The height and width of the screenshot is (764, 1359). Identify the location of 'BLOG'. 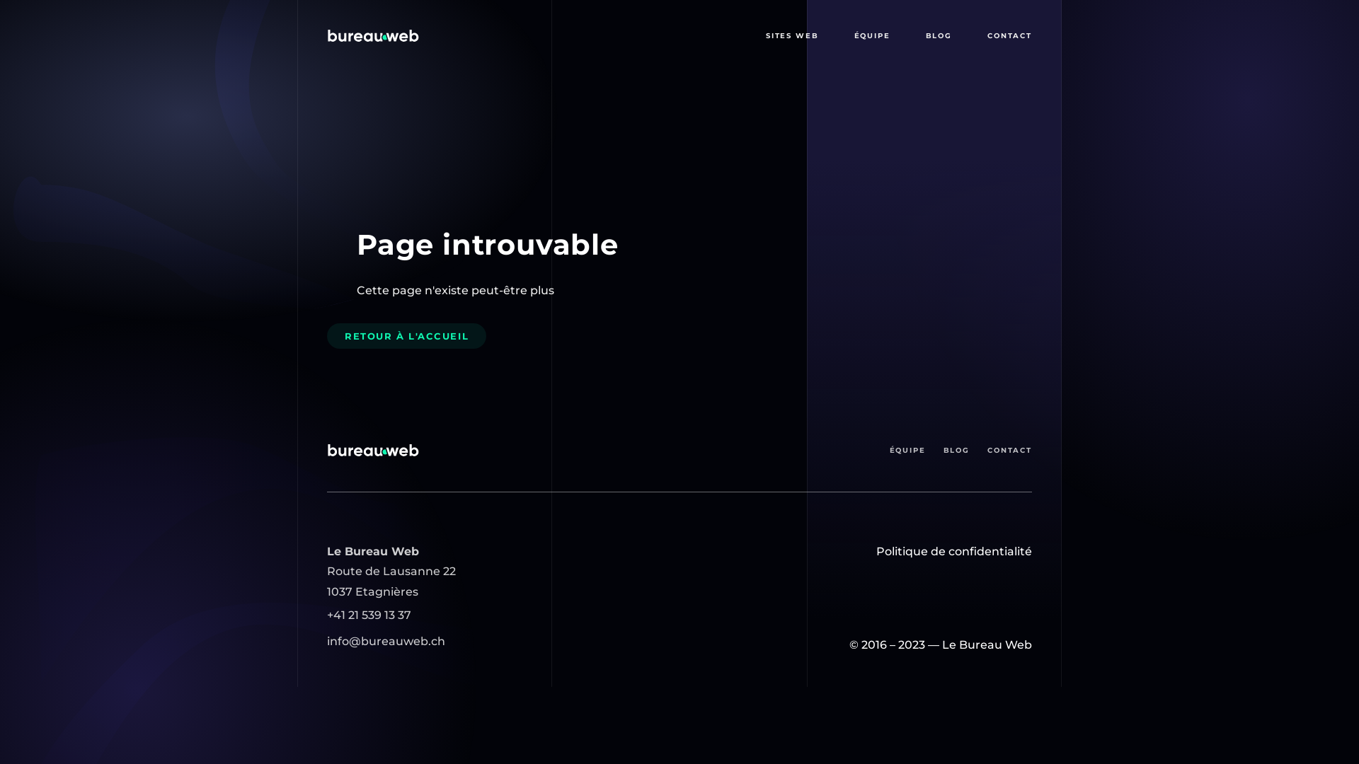
(956, 450).